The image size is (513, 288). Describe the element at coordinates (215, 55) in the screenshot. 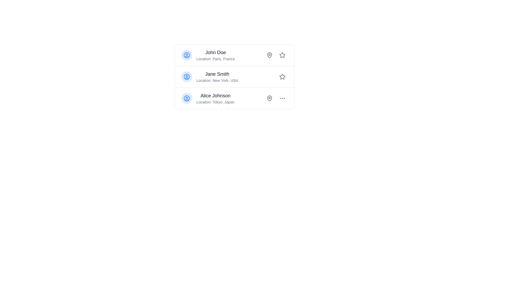

I see `the text block containing 'John Doe' and 'Location: Paris, France', which is the first element in a vertical list and located to the right of a circular user icon` at that location.